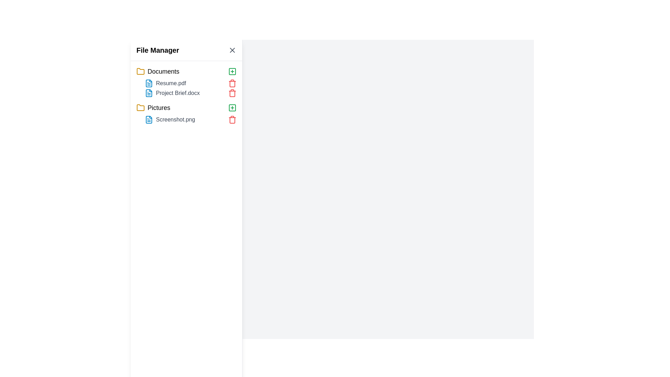 This screenshot has width=670, height=377. What do you see at coordinates (176, 119) in the screenshot?
I see `the static text label displaying 'Screenshot.png' in the file manager interface, located under the 'Pictures' folder` at bounding box center [176, 119].